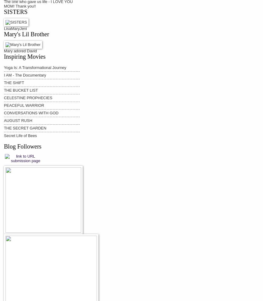  Describe the element at coordinates (25, 128) in the screenshot. I see `'THE SECRET GARDEN'` at that location.